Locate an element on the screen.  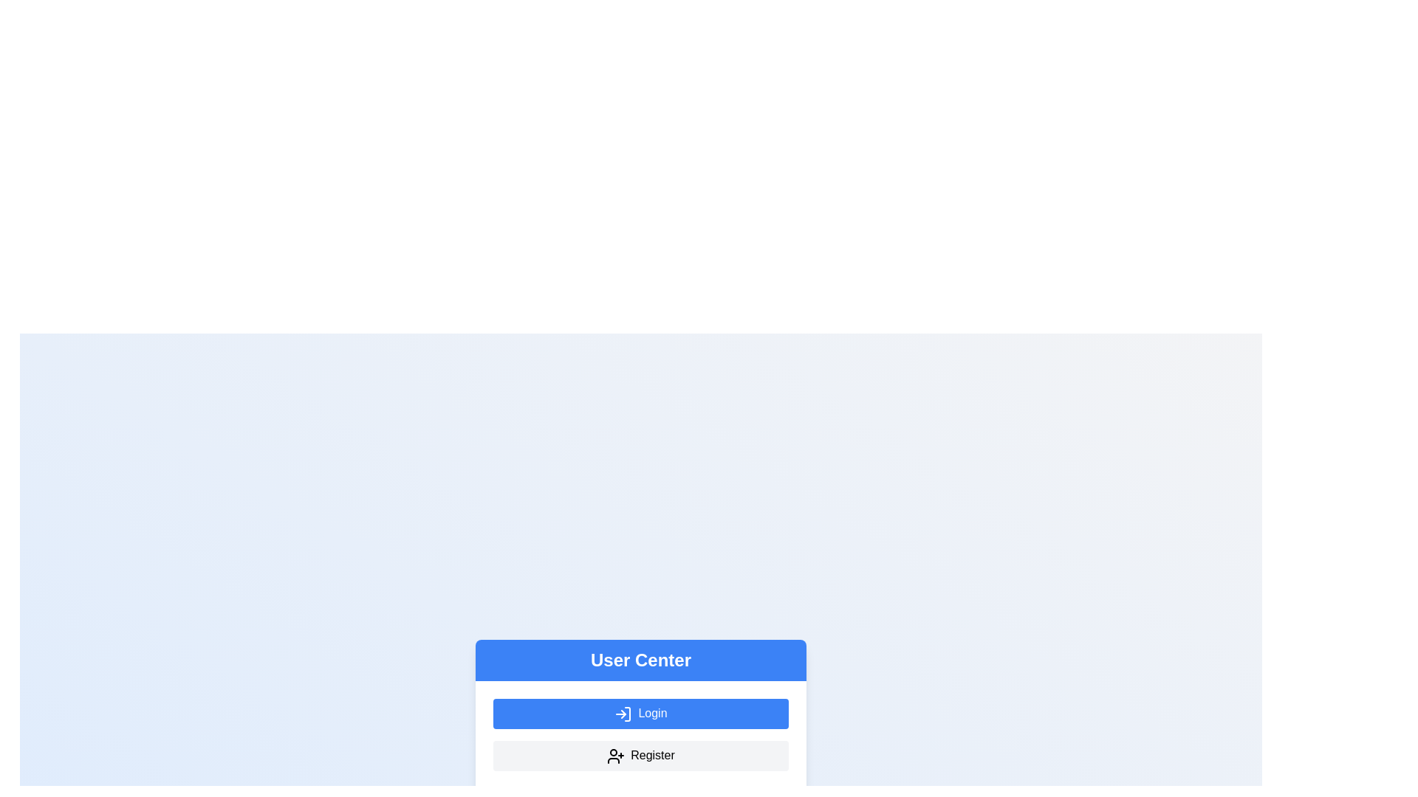
the text label that serves as a header or title for the section, located at the top center of a blue rectangular banner above the 'Login' and 'Register' buttons is located at coordinates (641, 659).